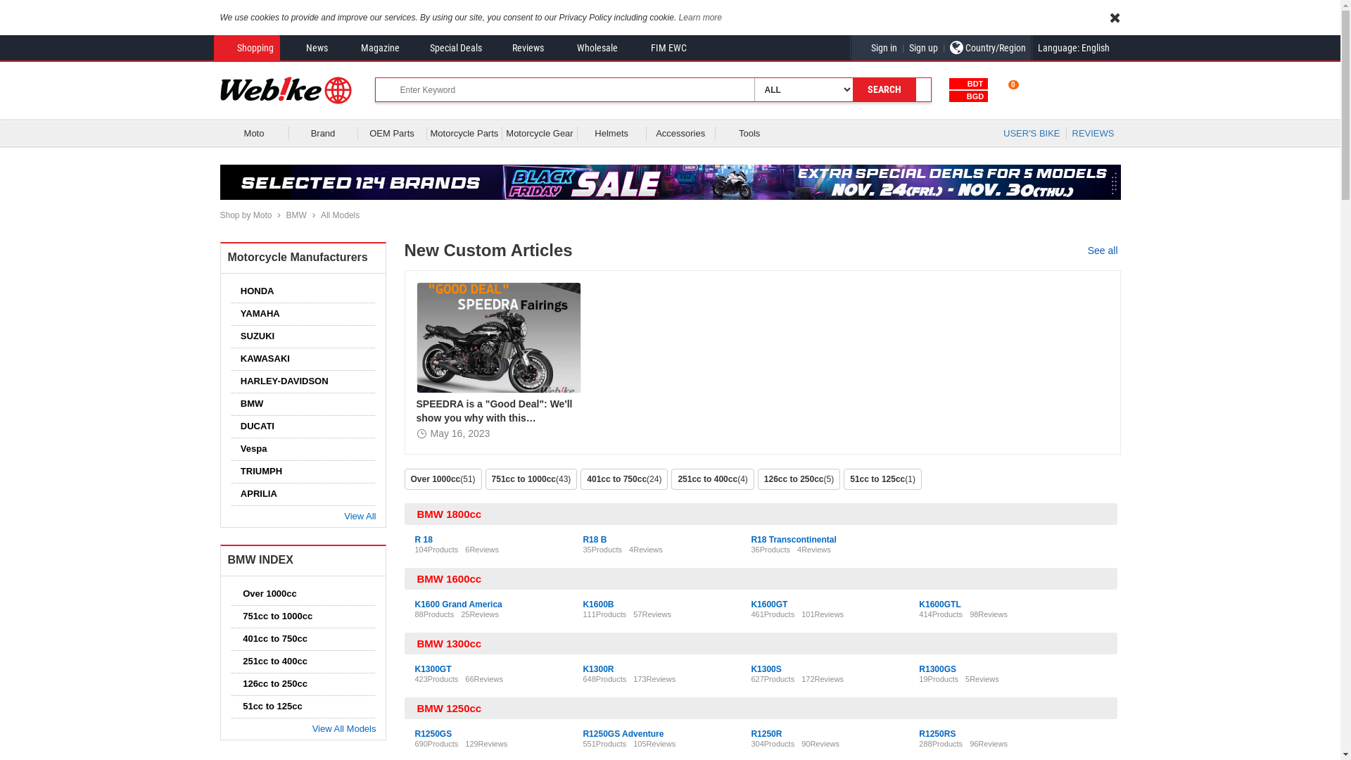 This screenshot has height=760, width=1351. What do you see at coordinates (236, 615) in the screenshot?
I see `'751cc to 1000cc'` at bounding box center [236, 615].